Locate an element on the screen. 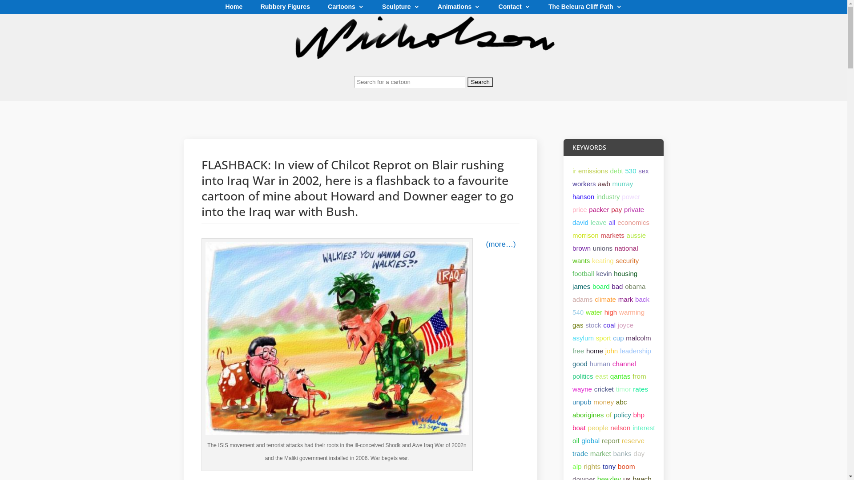 This screenshot has width=854, height=480. 'east' is located at coordinates (601, 376).